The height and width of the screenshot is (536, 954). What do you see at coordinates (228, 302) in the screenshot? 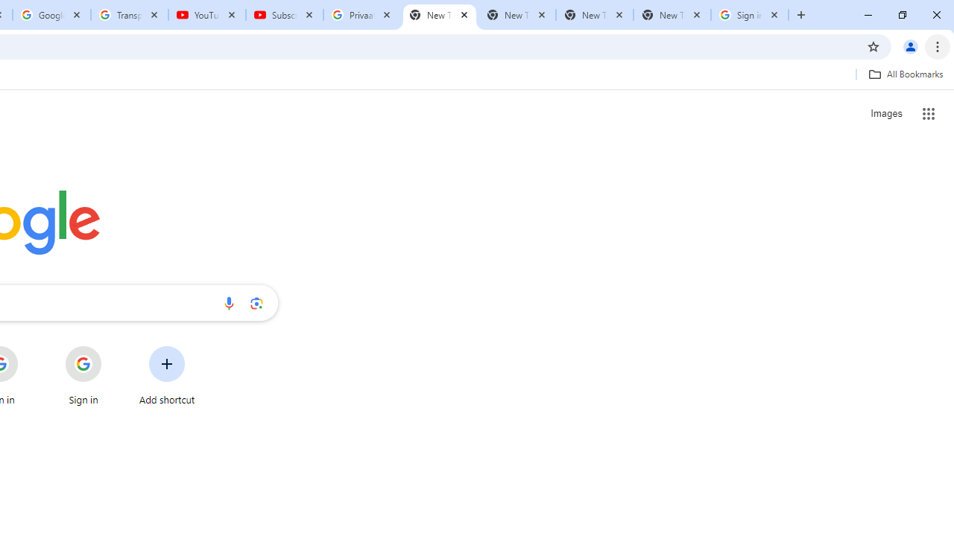
I see `'Search by voice'` at bounding box center [228, 302].